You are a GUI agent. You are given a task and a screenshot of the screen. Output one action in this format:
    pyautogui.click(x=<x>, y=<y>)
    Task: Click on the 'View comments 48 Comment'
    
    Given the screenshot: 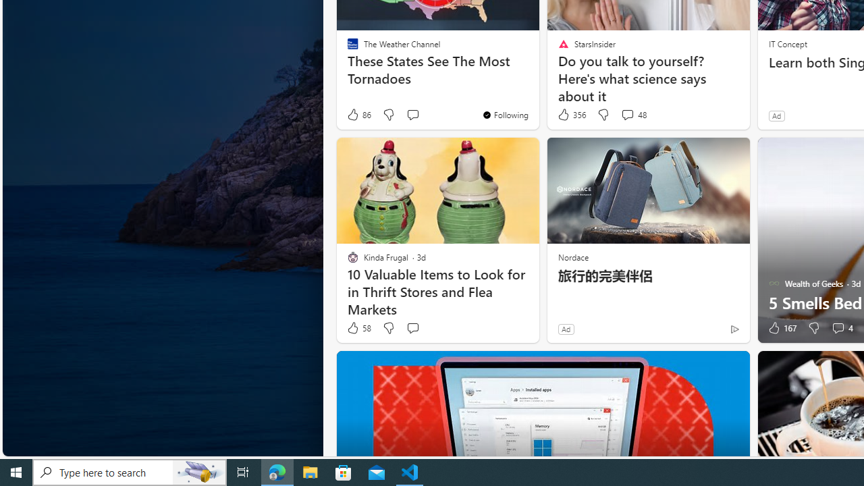 What is the action you would take?
    pyautogui.click(x=626, y=113)
    